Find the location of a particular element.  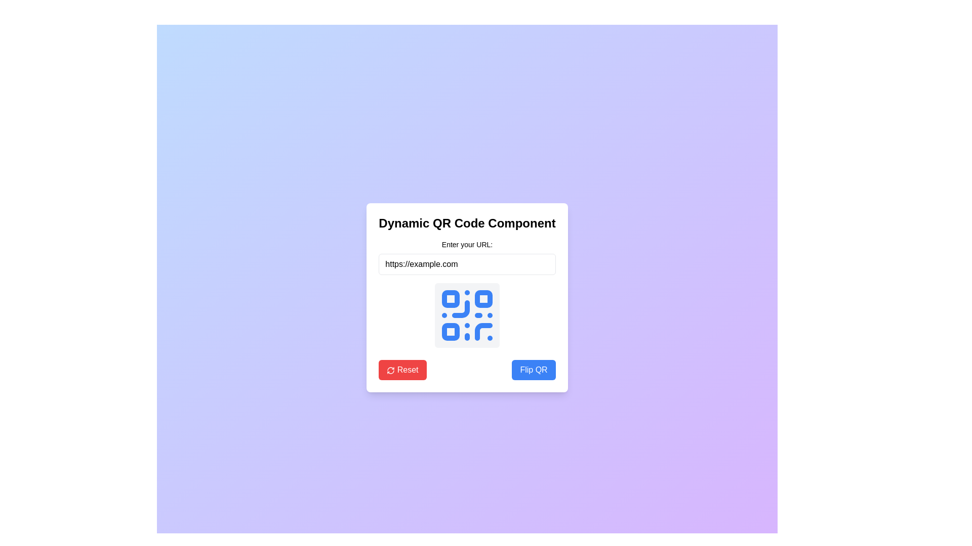

the third square in the QR code's grid layout, which is a small blue square with rounded corners located at the bottom left of the QR code design is located at coordinates (450, 332).